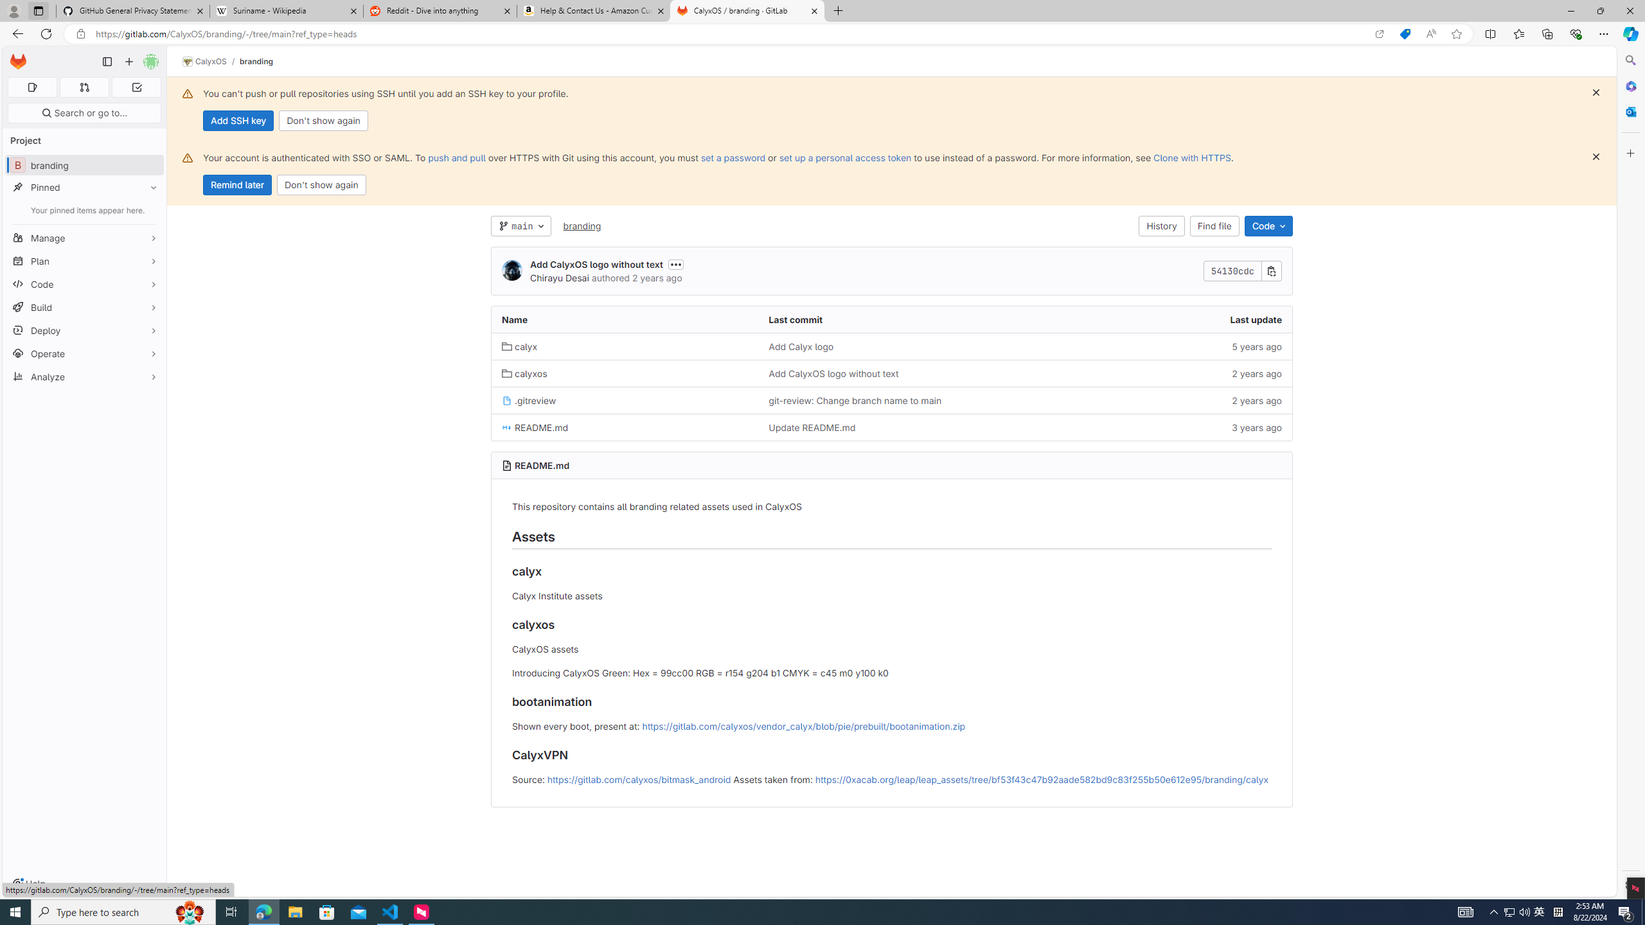 The height and width of the screenshot is (925, 1645). Describe the element at coordinates (84, 376) in the screenshot. I see `'Analyze'` at that location.